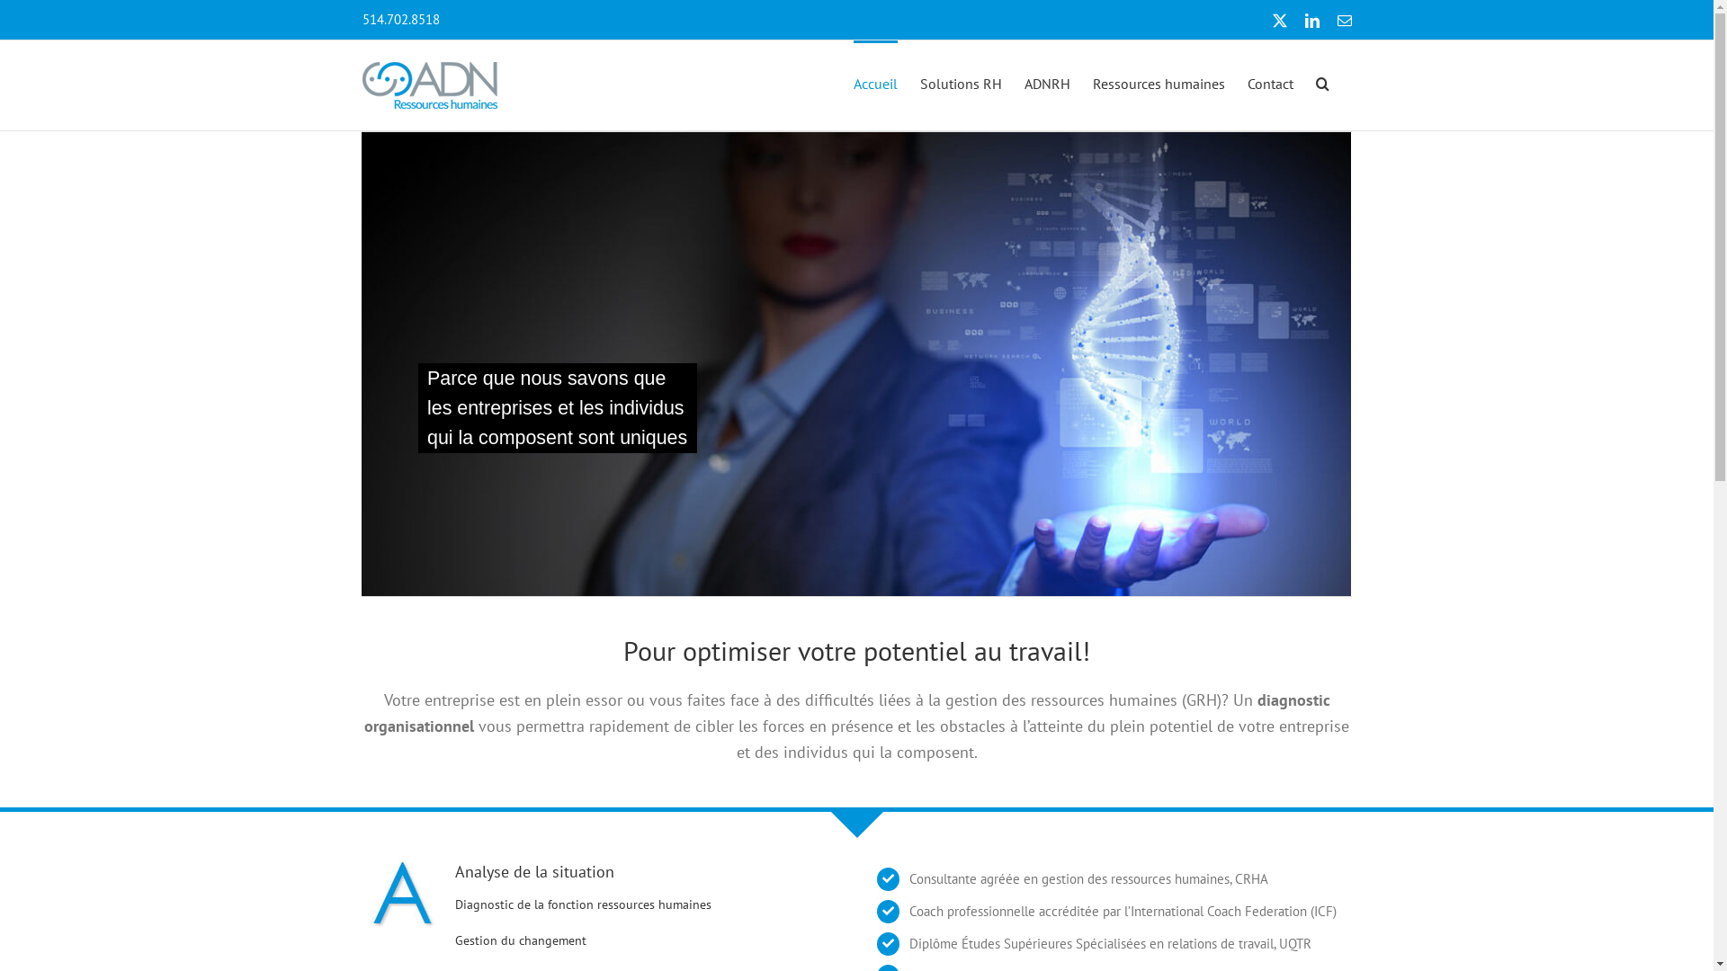 This screenshot has height=971, width=1727. I want to click on 'Recherche', so click(1321, 82).